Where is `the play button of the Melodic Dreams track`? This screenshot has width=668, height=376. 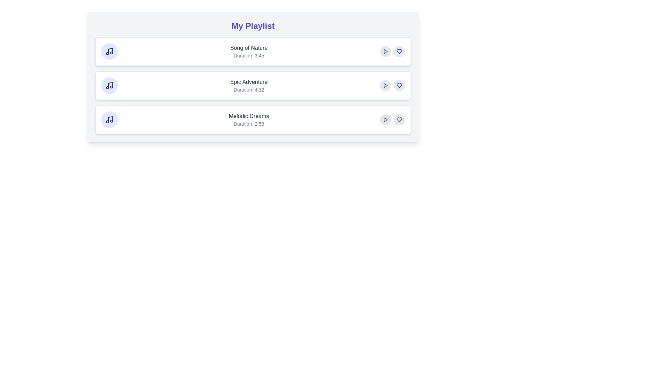
the play button of the Melodic Dreams track is located at coordinates (385, 119).